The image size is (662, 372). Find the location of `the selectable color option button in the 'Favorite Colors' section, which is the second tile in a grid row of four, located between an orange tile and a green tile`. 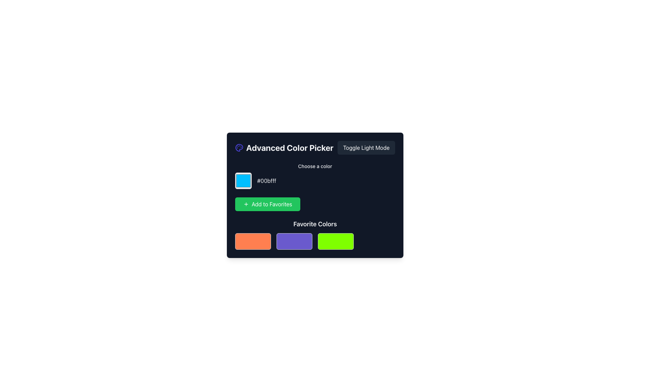

the selectable color option button in the 'Favorite Colors' section, which is the second tile in a grid row of four, located between an orange tile and a green tile is located at coordinates (294, 241).